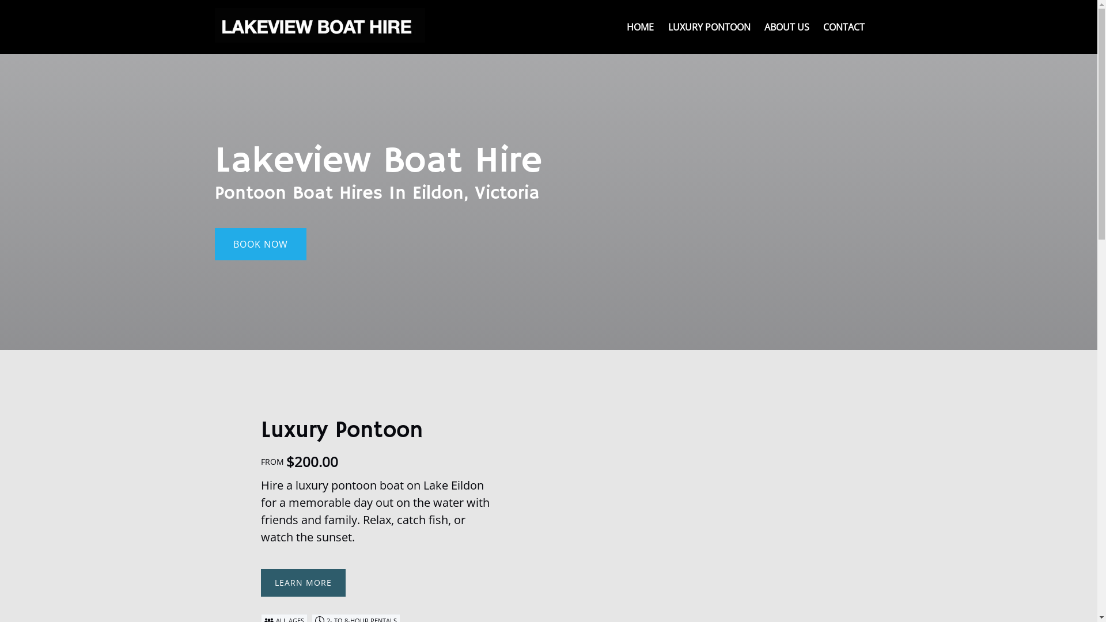 The width and height of the screenshot is (1106, 622). I want to click on 'HOME', so click(619, 26).